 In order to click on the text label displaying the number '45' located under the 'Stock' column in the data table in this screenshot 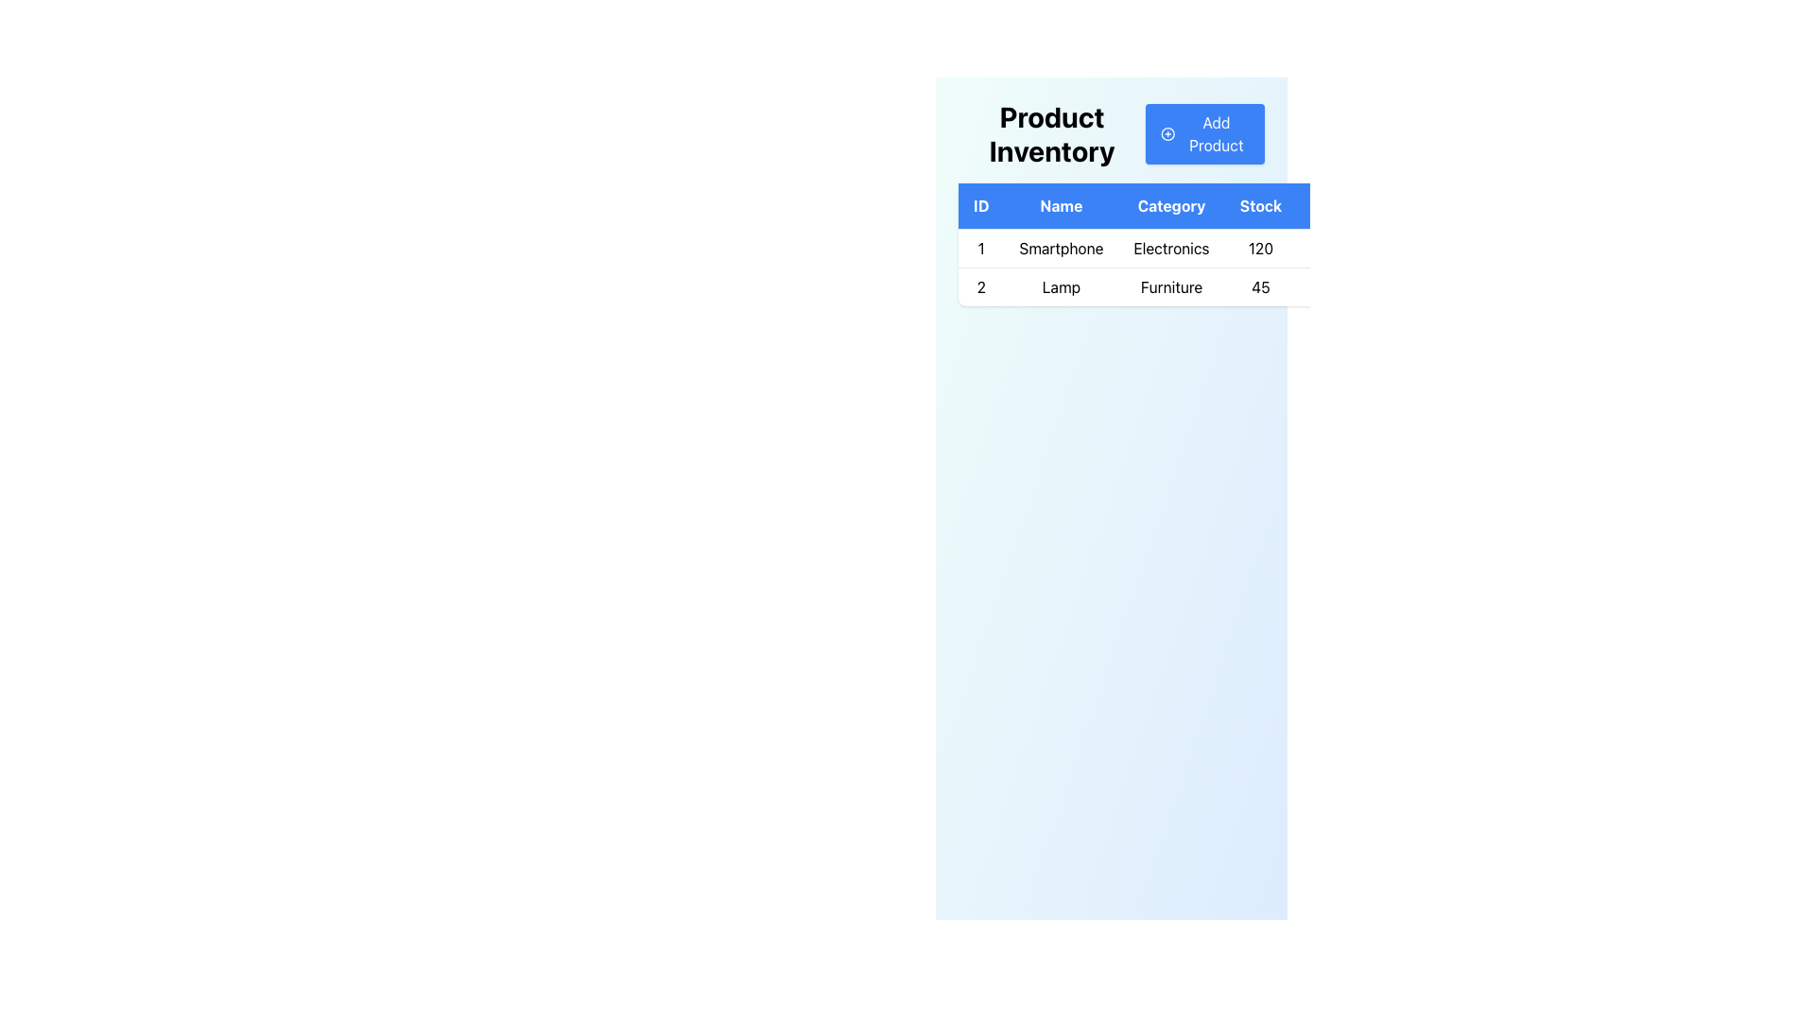, I will do `click(1261, 286)`.